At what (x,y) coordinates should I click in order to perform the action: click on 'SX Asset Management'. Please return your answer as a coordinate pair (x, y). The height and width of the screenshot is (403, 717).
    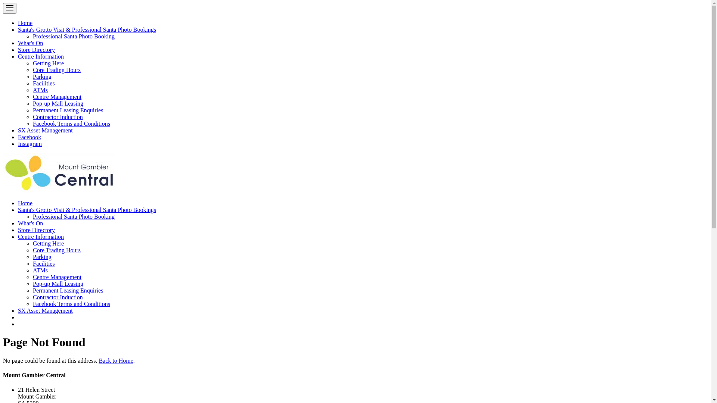
    Looking at the image, I should click on (45, 130).